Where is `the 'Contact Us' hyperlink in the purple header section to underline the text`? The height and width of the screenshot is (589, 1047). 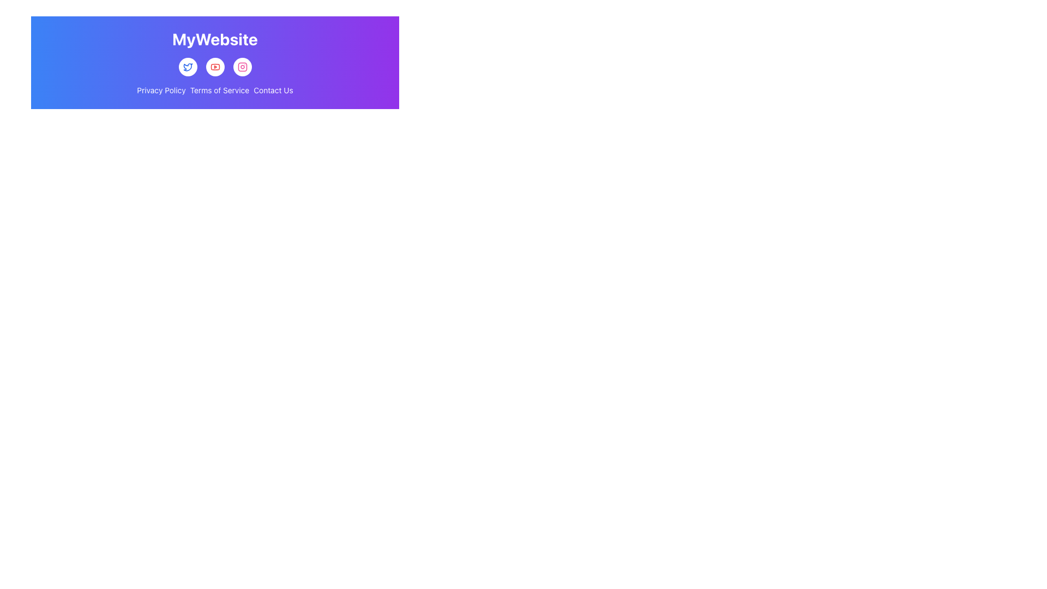
the 'Contact Us' hyperlink in the purple header section to underline the text is located at coordinates (273, 89).